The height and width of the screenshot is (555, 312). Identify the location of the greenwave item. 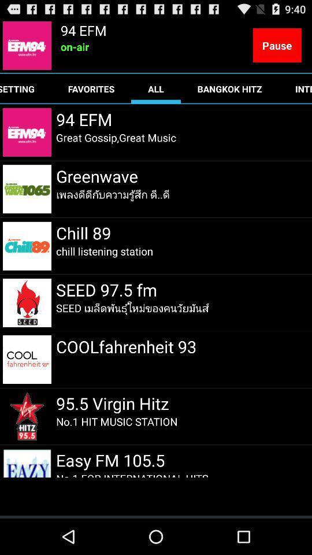
(96, 176).